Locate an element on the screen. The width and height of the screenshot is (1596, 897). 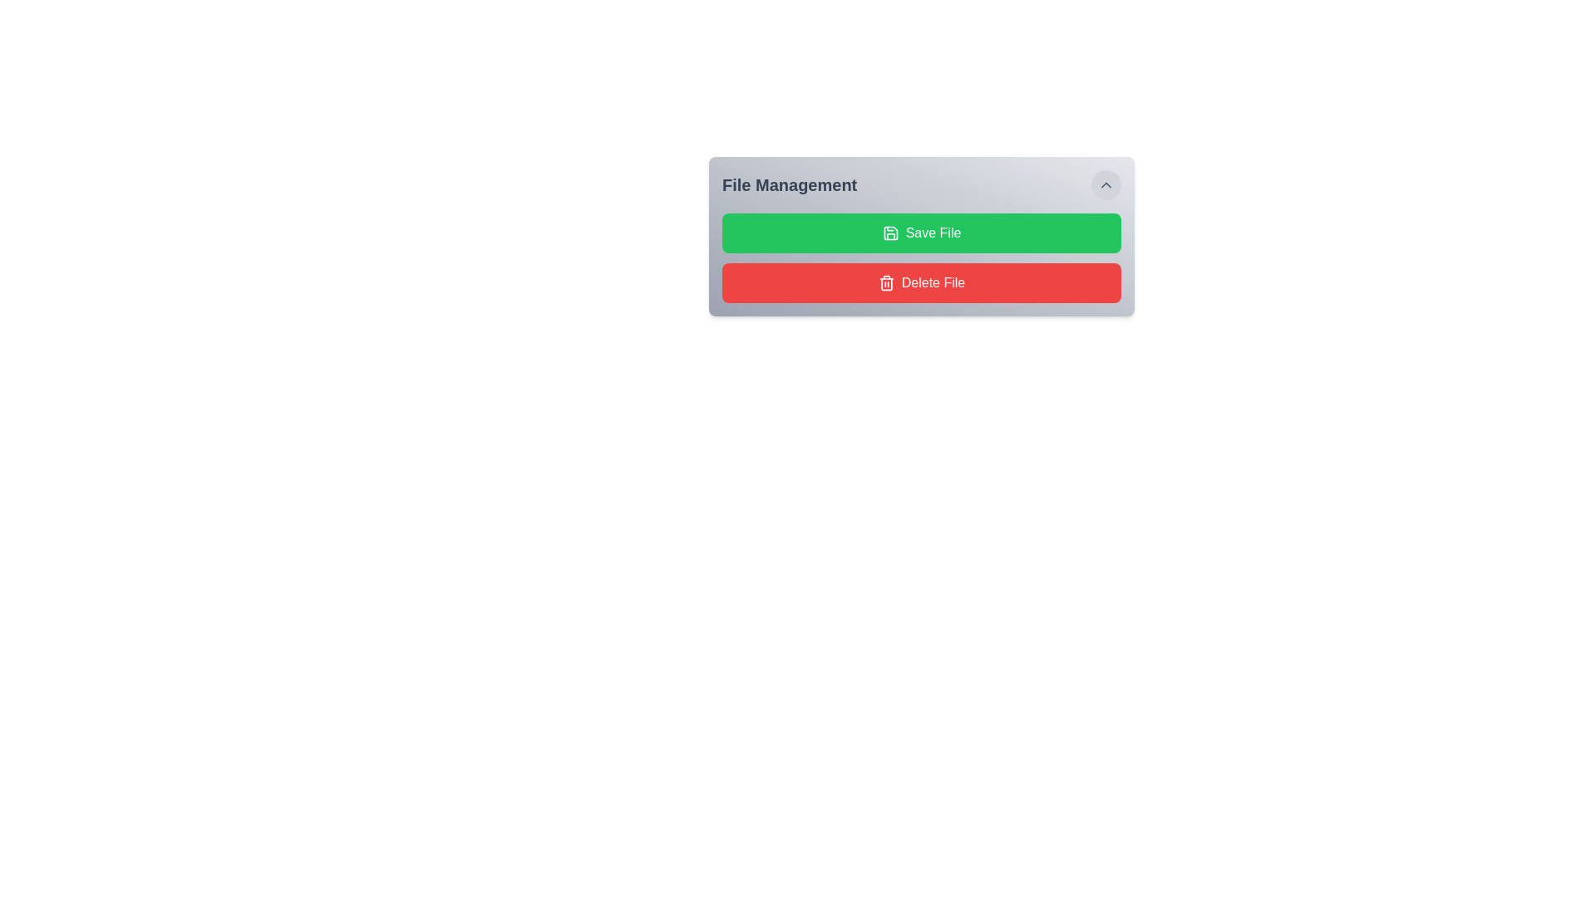
the red button labeled 'Delete File' to observe the hover effect is located at coordinates (920, 282).